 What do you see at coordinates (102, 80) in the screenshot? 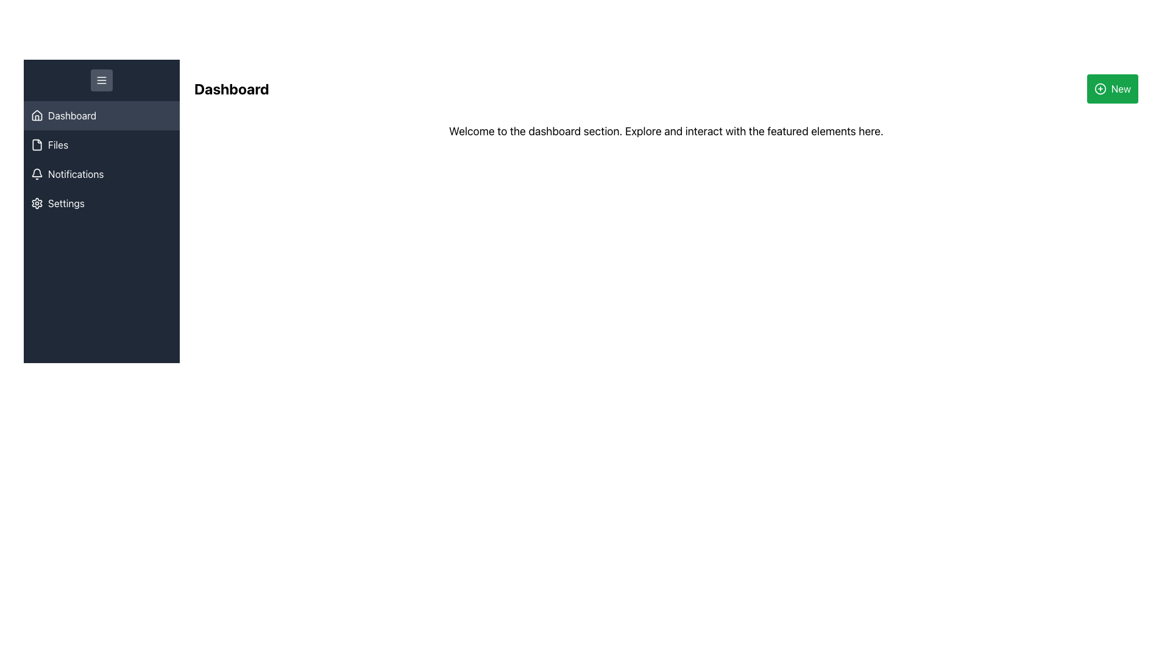
I see `the rounded rectangular button with a dark gray background and a menu icon` at bounding box center [102, 80].